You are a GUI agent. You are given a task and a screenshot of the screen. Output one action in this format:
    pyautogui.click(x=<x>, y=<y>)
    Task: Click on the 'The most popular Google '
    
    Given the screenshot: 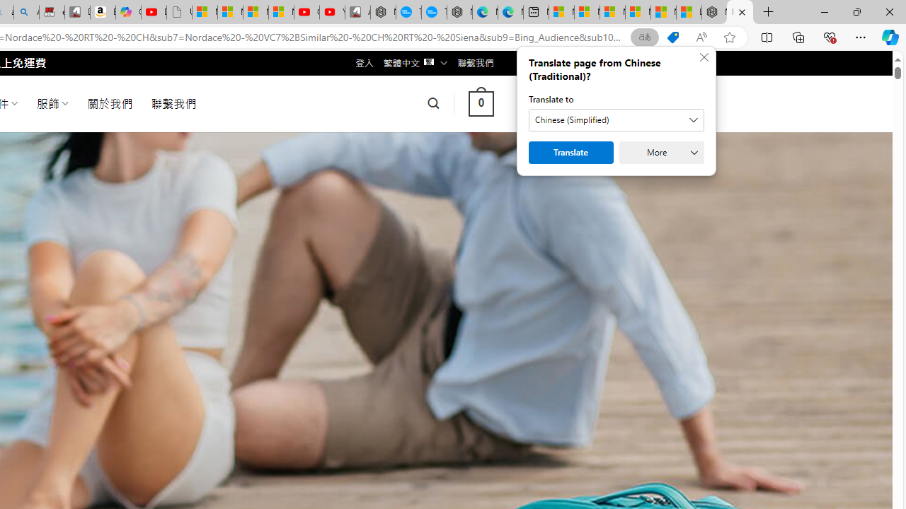 What is the action you would take?
    pyautogui.click(x=433, y=12)
    